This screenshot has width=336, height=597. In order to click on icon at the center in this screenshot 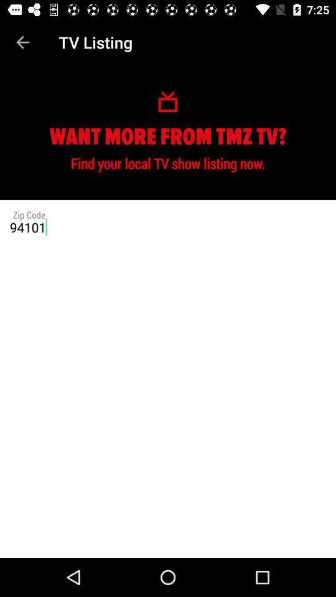, I will do `click(168, 226)`.